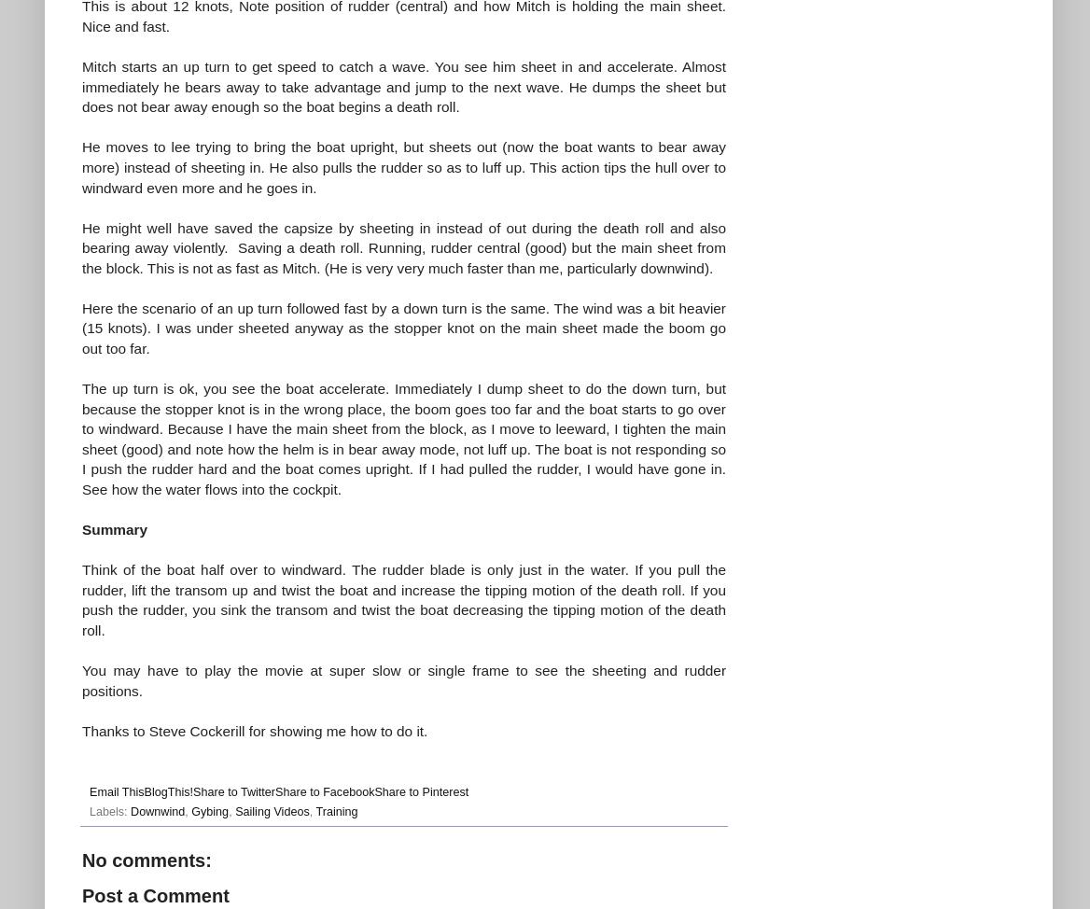  Describe the element at coordinates (402, 86) in the screenshot. I see `'accelerate. Almost immediately he bears
away to take advantage and jump to the next wave. He dumps the sheet but
does not bear away enough so the boat begins a death roll.'` at that location.